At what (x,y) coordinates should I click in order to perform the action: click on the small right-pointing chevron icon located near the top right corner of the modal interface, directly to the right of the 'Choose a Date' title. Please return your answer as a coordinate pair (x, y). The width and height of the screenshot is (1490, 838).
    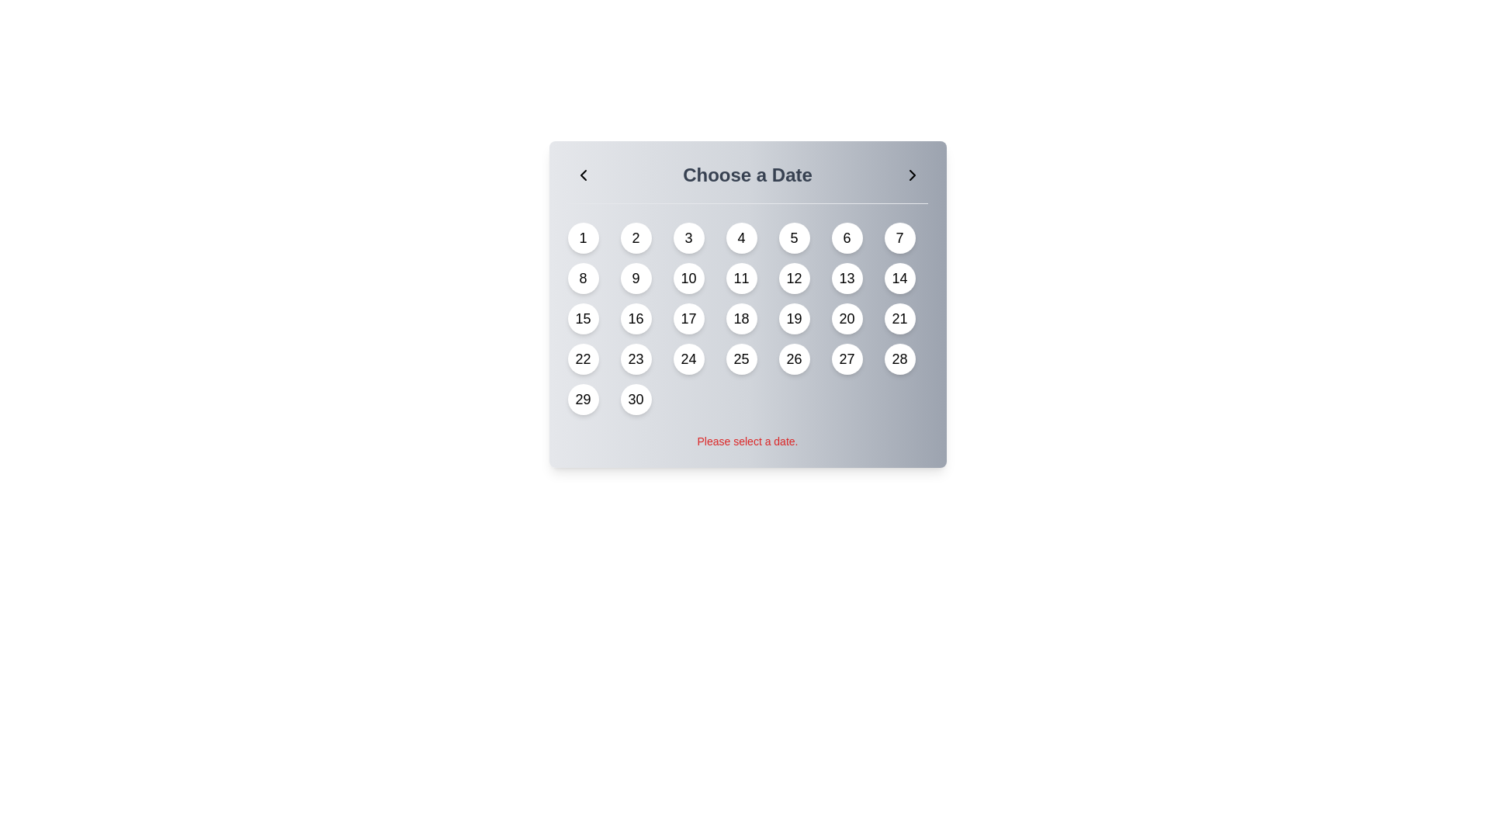
    Looking at the image, I should click on (912, 175).